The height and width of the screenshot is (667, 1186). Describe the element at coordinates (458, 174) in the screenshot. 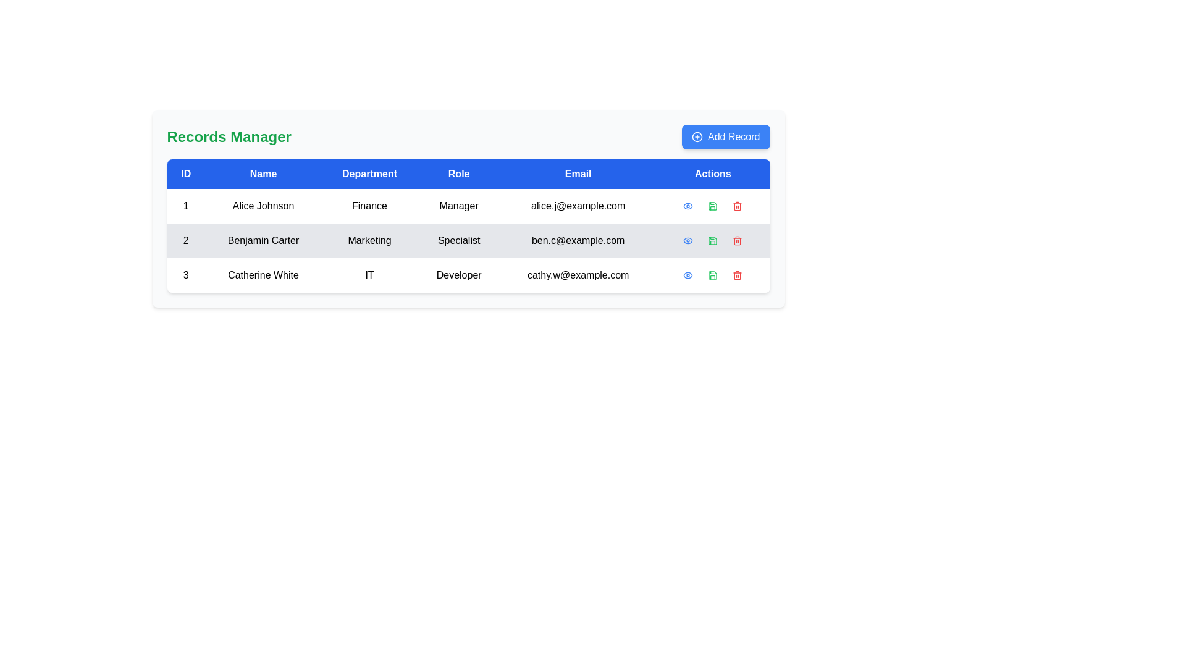

I see `label text of the 'Role' header in the table, which is the fourth column from the left` at that location.